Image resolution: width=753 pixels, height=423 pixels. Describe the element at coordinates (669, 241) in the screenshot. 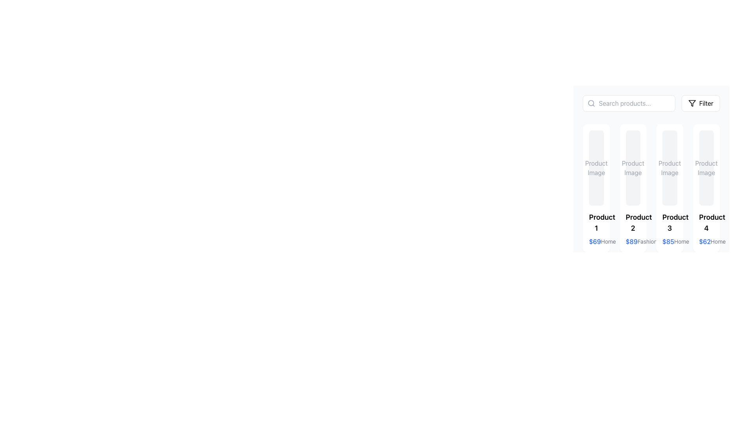

I see `the price label ('$85') or the category text ('Home') in the lower section of the third product card to interact with the product` at that location.